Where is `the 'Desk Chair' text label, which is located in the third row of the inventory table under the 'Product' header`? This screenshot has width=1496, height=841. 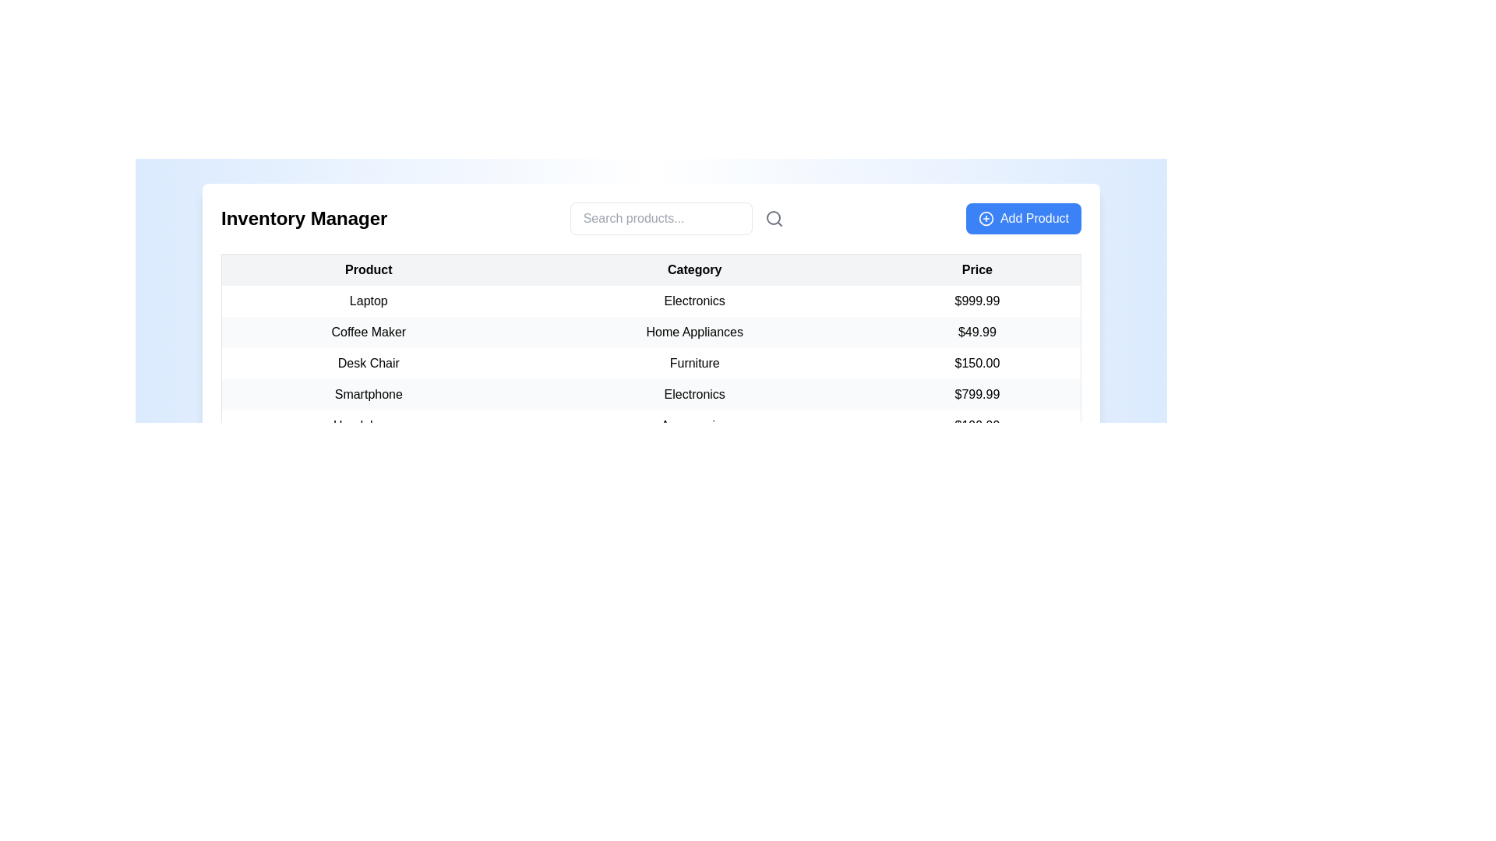 the 'Desk Chair' text label, which is located in the third row of the inventory table under the 'Product' header is located at coordinates (368, 363).